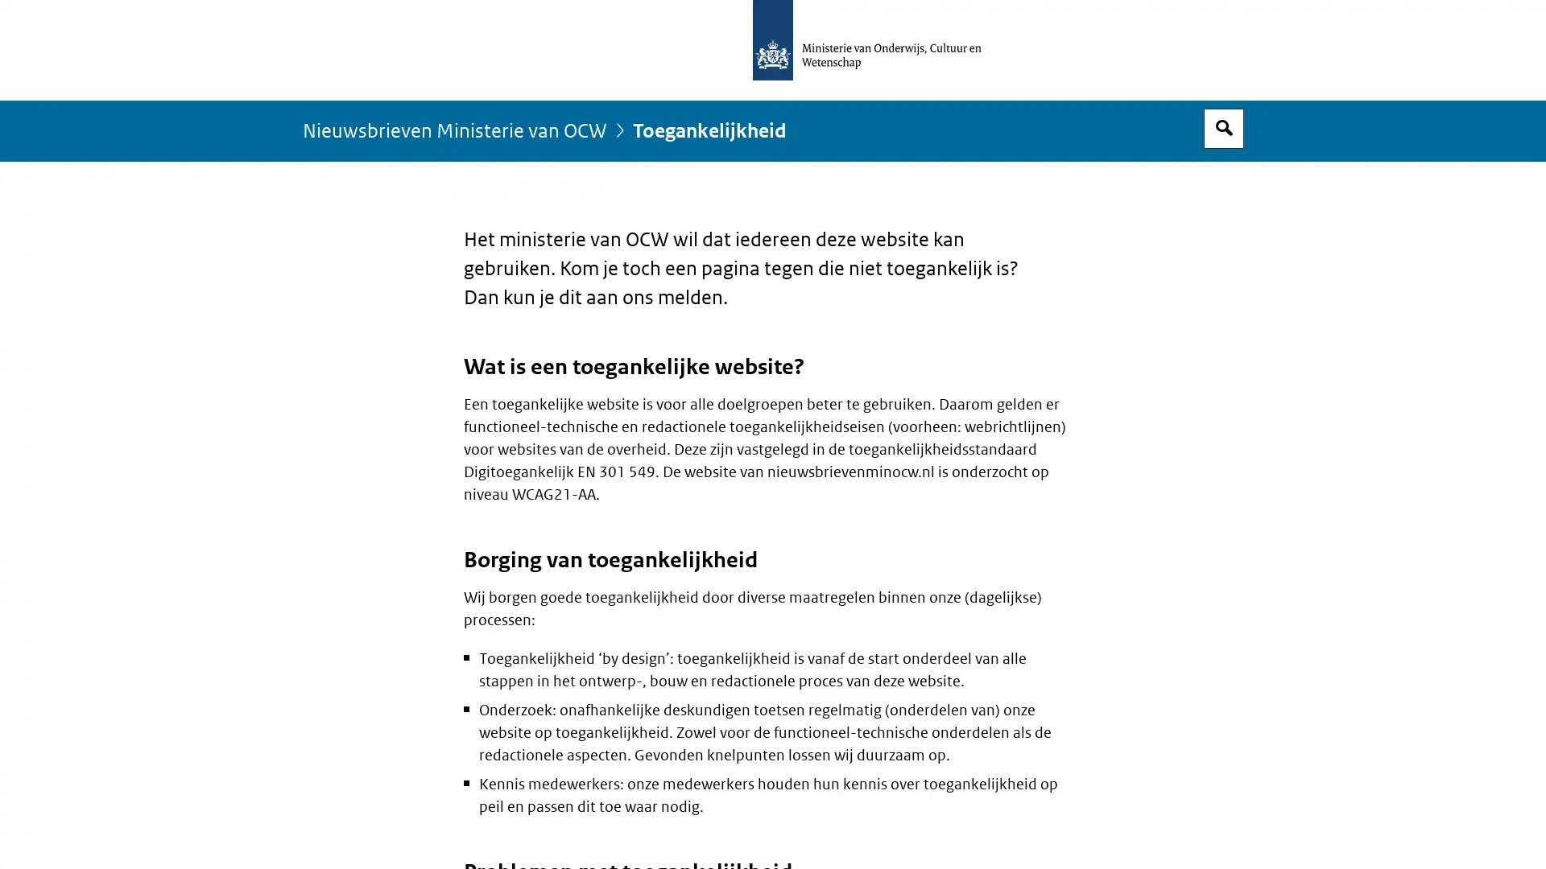 Image resolution: width=1546 pixels, height=869 pixels. What do you see at coordinates (1224, 127) in the screenshot?
I see `Open zoekveld` at bounding box center [1224, 127].